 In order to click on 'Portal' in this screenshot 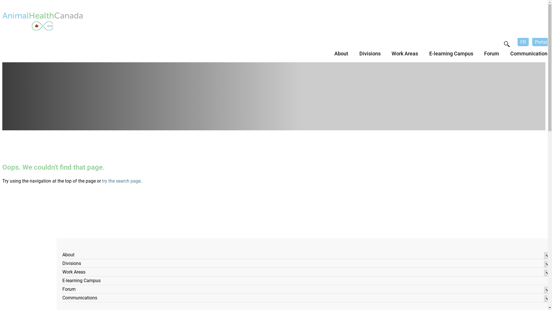, I will do `click(540, 42)`.